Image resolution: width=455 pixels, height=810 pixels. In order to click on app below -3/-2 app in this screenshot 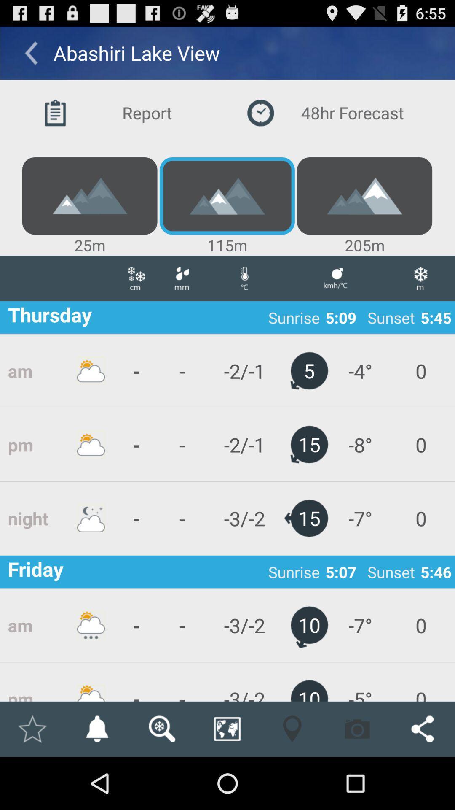, I will do `click(292, 729)`.